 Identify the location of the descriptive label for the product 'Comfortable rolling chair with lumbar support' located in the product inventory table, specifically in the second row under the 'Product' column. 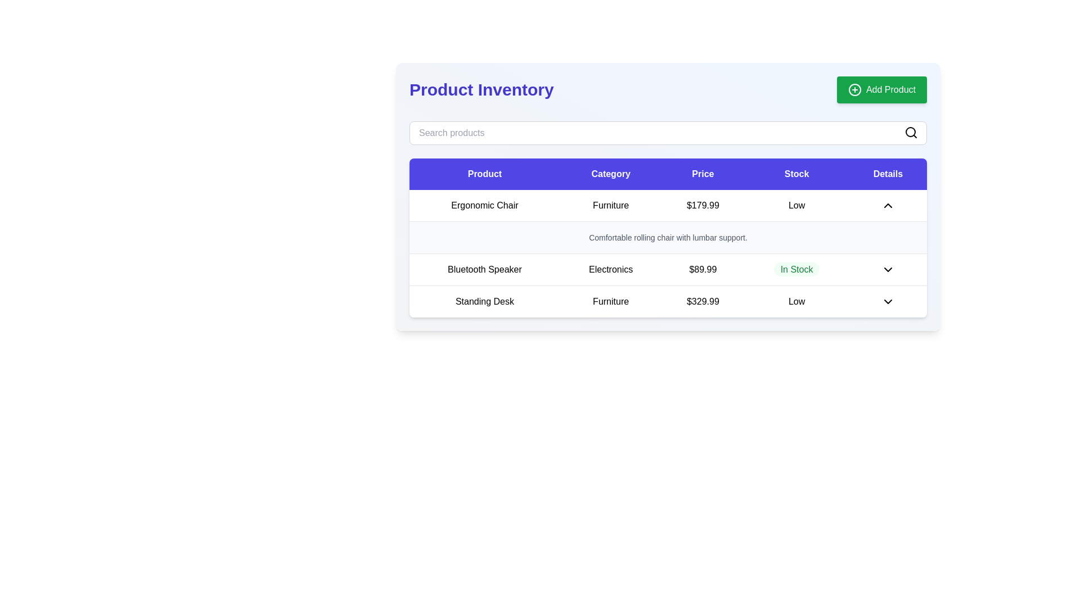
(668, 237).